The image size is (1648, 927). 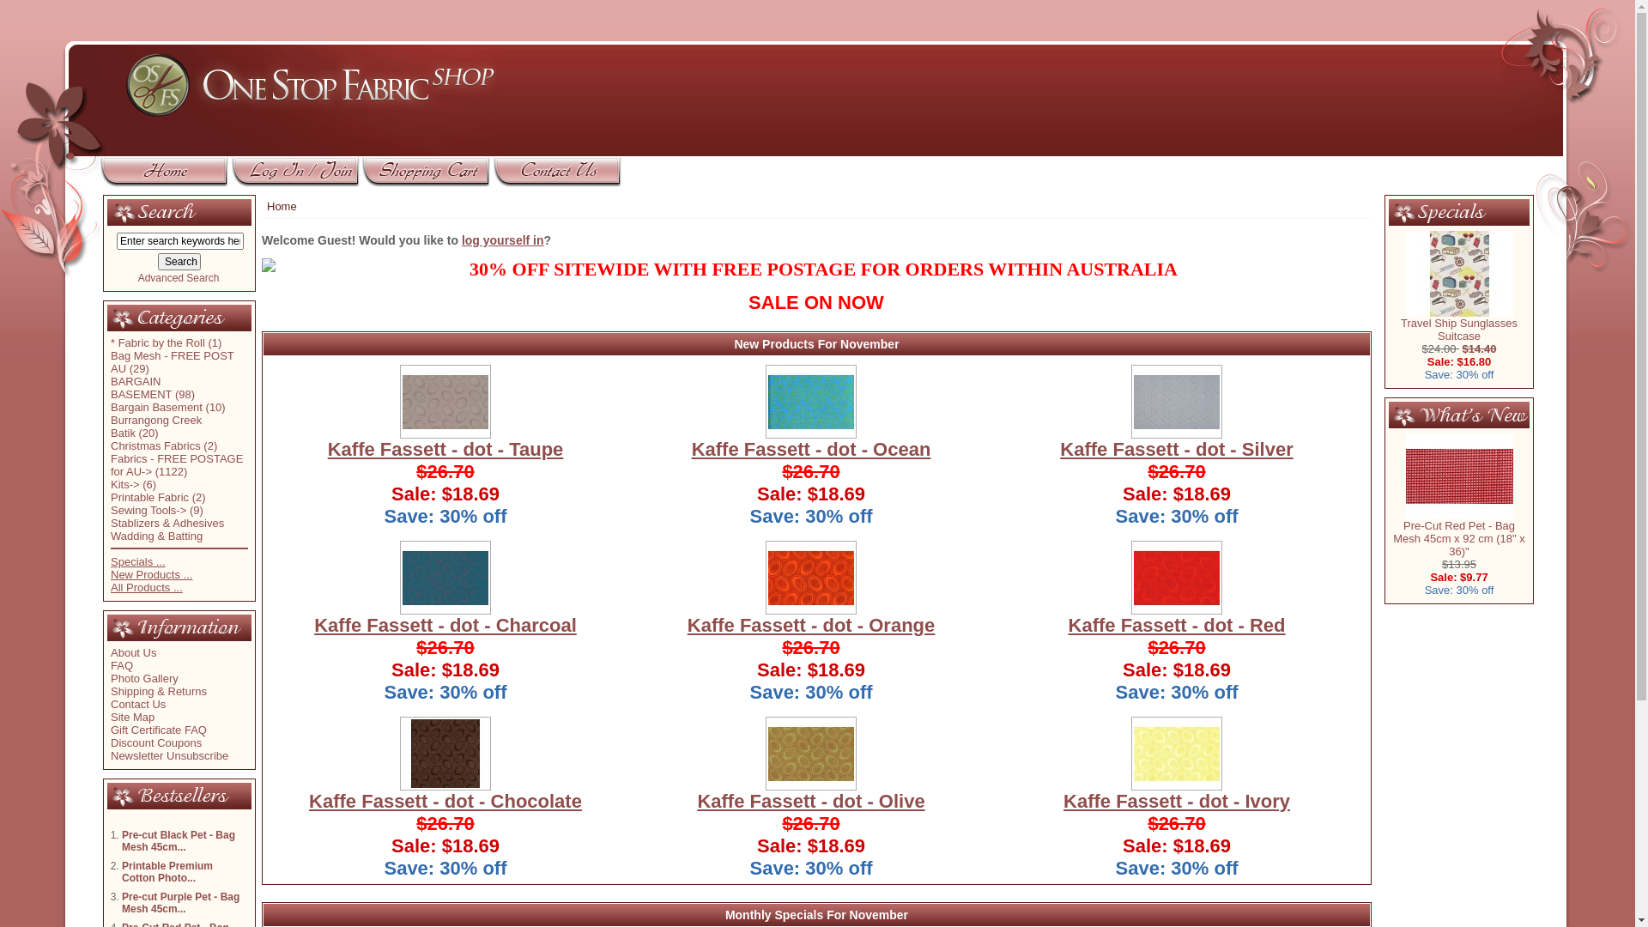 What do you see at coordinates (156, 426) in the screenshot?
I see `'Burrangong Creek Batik'` at bounding box center [156, 426].